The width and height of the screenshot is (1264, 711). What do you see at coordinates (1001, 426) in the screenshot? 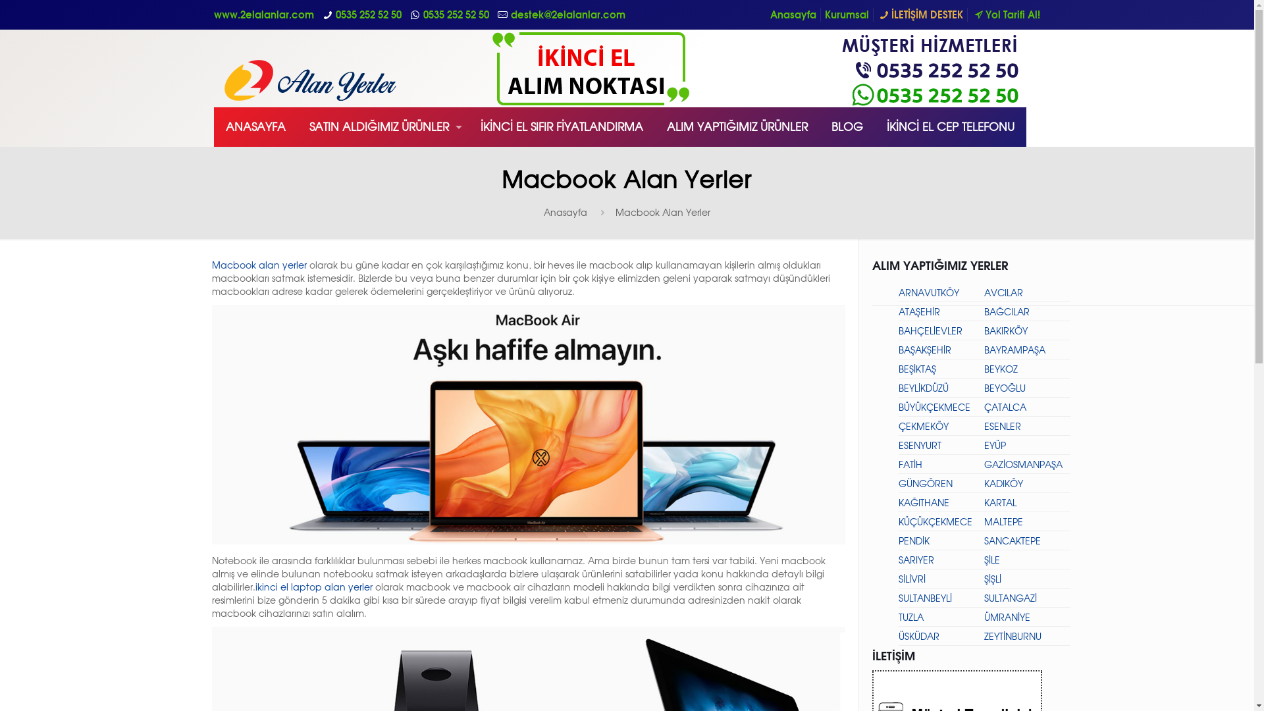
I see `'ESENLER'` at bounding box center [1001, 426].